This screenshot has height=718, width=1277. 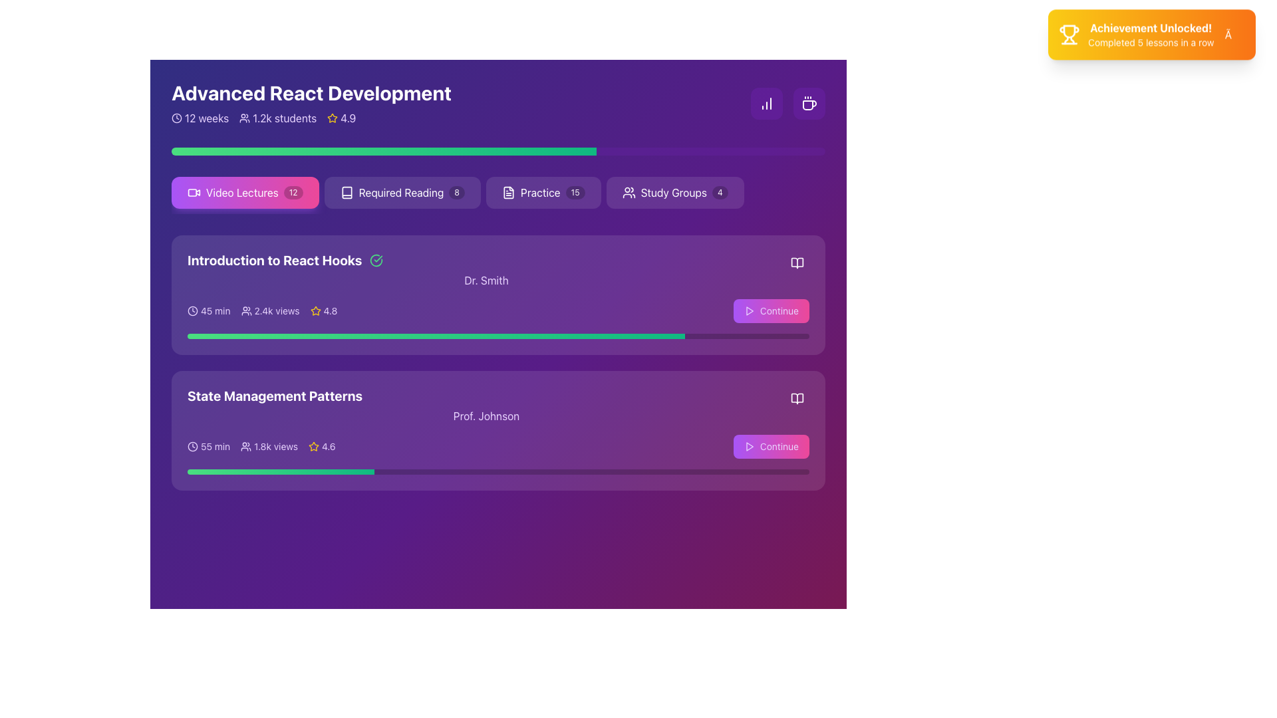 I want to click on the 'Video Lectures' navigation button, which is the first item in the horizontal list of course categories, so click(x=497, y=195).